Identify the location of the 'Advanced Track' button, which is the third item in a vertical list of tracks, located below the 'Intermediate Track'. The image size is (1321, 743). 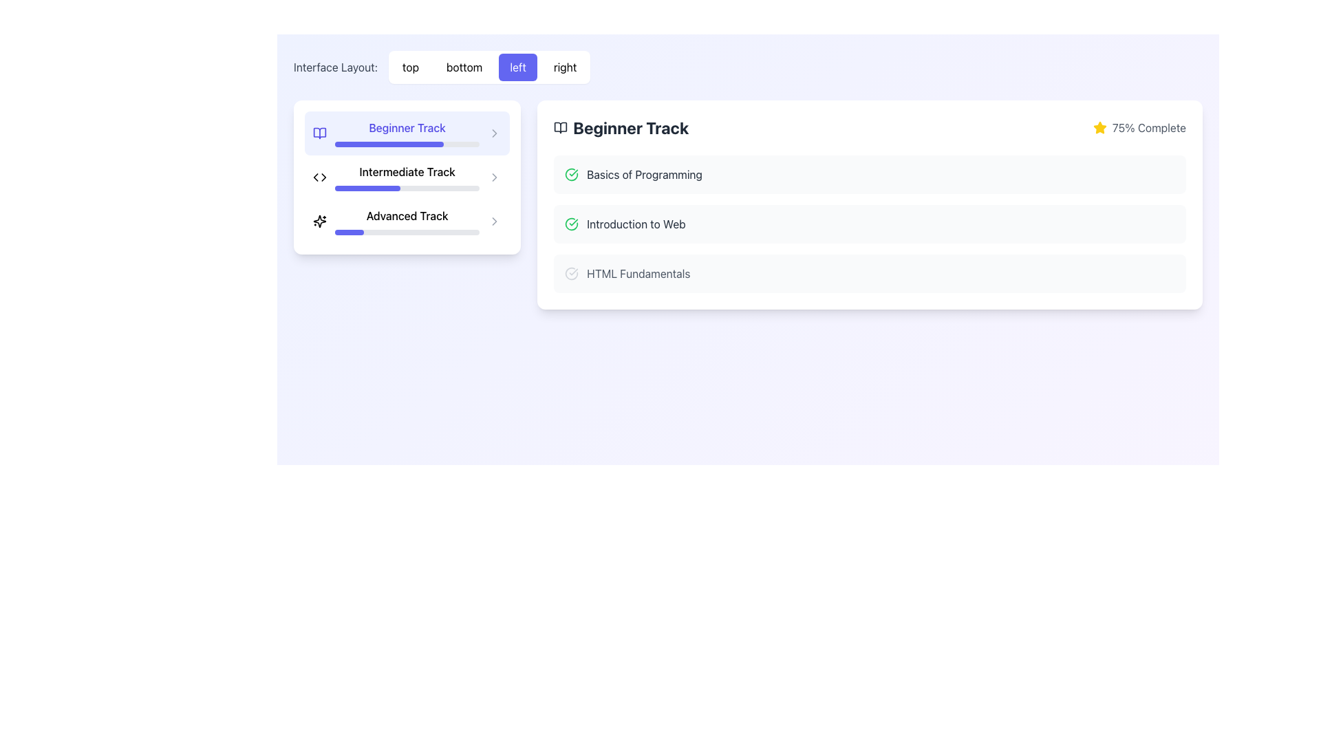
(406, 204).